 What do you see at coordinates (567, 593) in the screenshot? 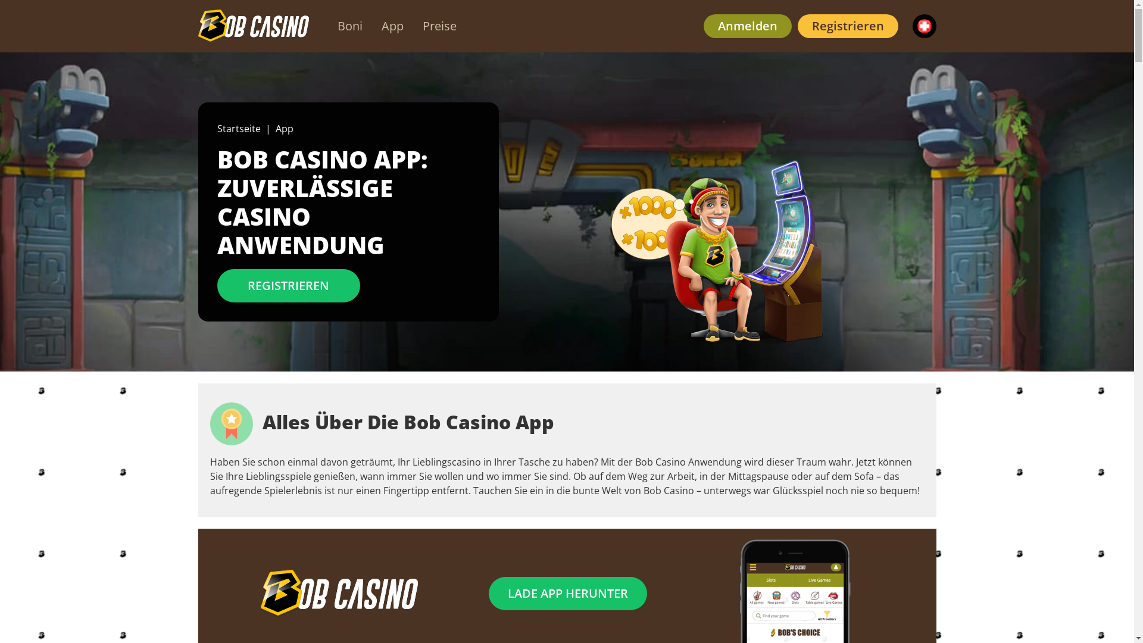
I see `'LADE APP HERUNTER'` at bounding box center [567, 593].